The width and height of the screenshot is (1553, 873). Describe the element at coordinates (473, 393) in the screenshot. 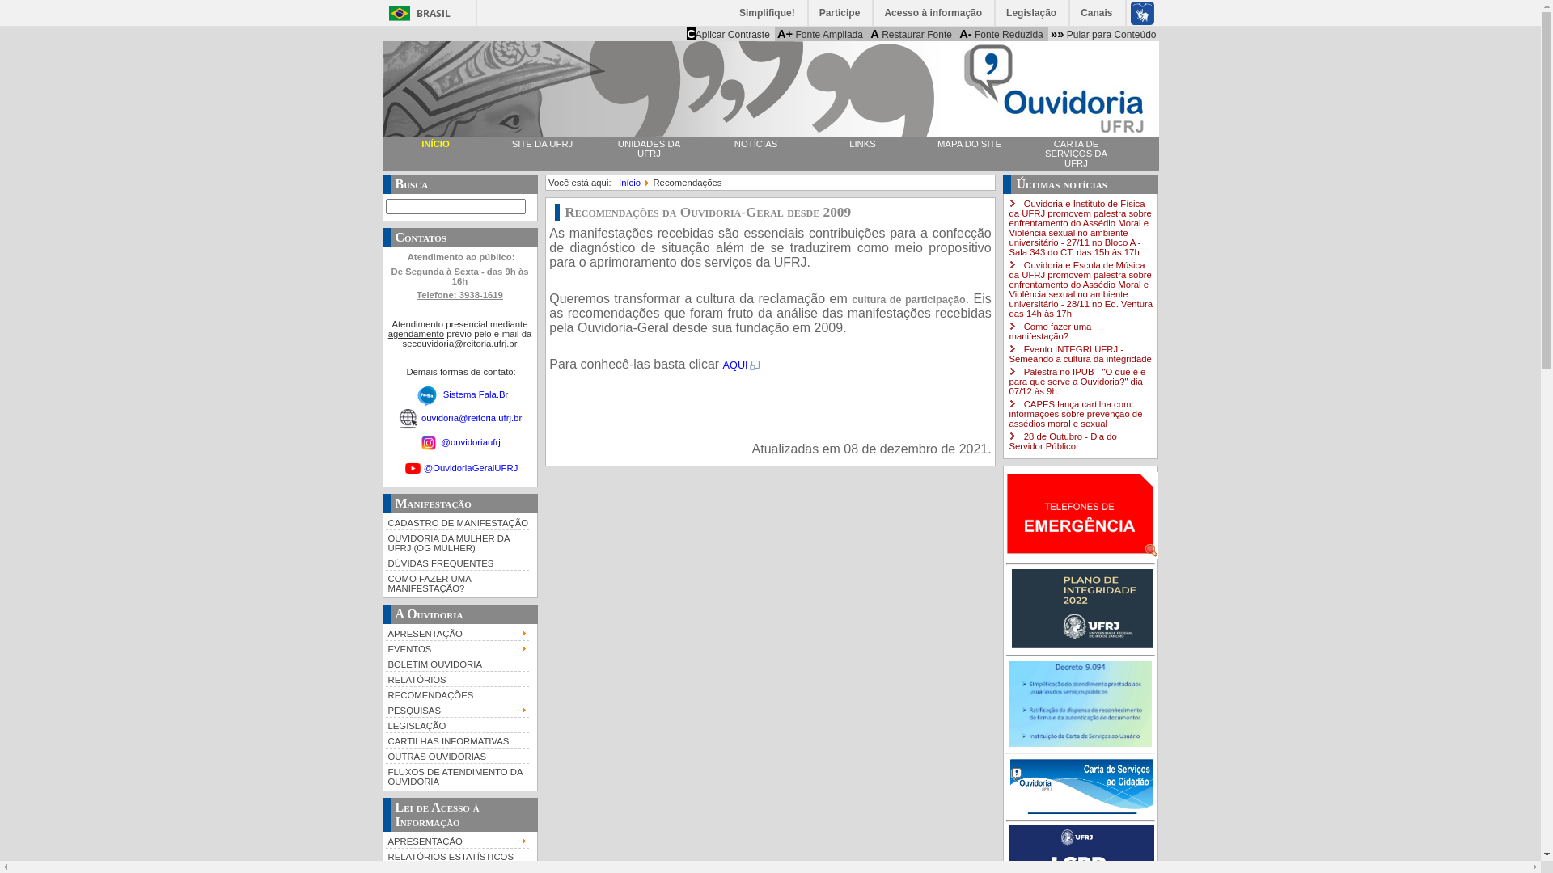

I see `'Sistema Fala.B'` at that location.